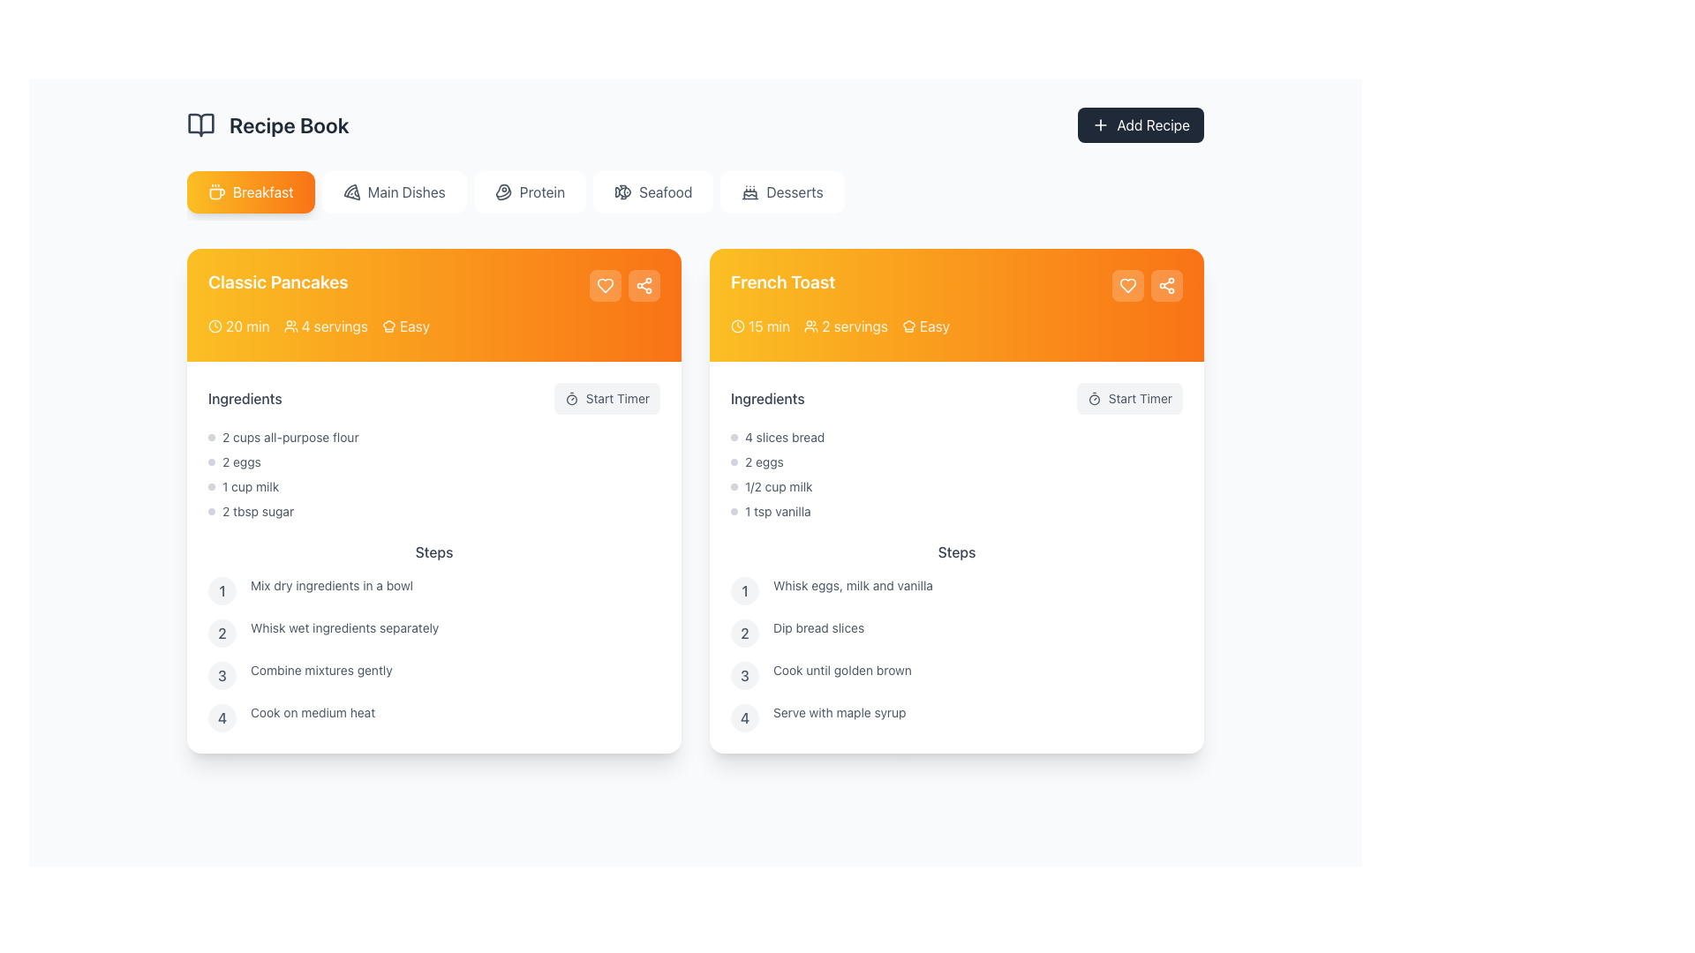 Image resolution: width=1695 pixels, height=953 pixels. What do you see at coordinates (290, 326) in the screenshot?
I see `compact icon resembling two user silhouettes, which is positioned next to the text '4 servings' in the header section of the 'Classic Pancakes' card` at bounding box center [290, 326].